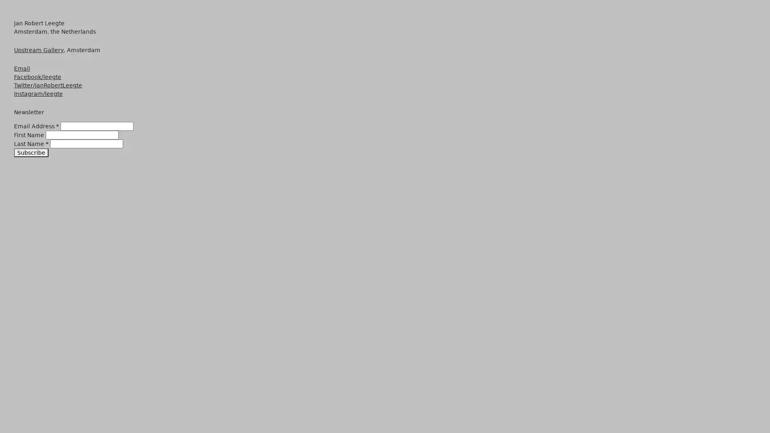 The width and height of the screenshot is (770, 433). Describe the element at coordinates (31, 153) in the screenshot. I see `Subscribe` at that location.